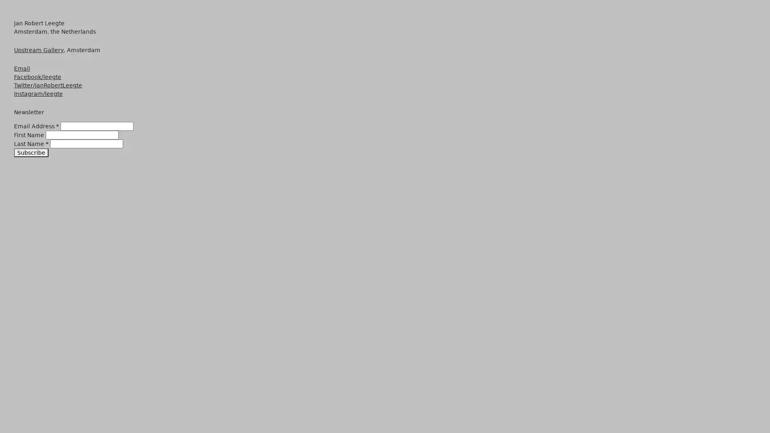 The width and height of the screenshot is (770, 433). Describe the element at coordinates (31, 153) in the screenshot. I see `Subscribe` at that location.